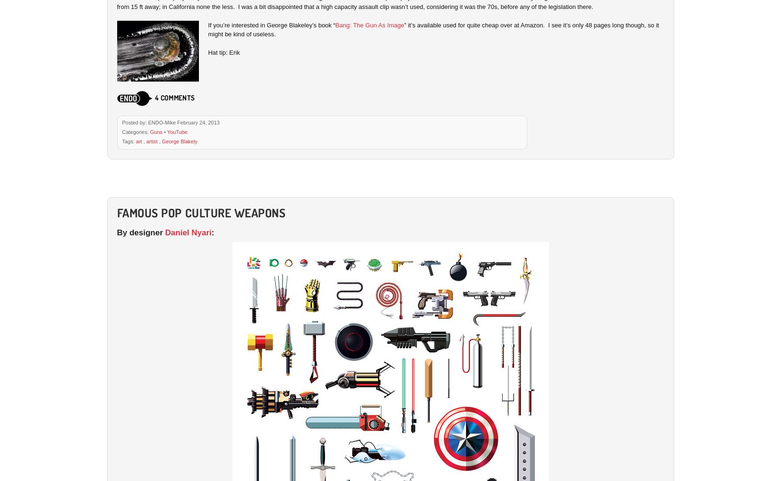 This screenshot has height=481, width=781. What do you see at coordinates (155, 131) in the screenshot?
I see `'Guns'` at bounding box center [155, 131].